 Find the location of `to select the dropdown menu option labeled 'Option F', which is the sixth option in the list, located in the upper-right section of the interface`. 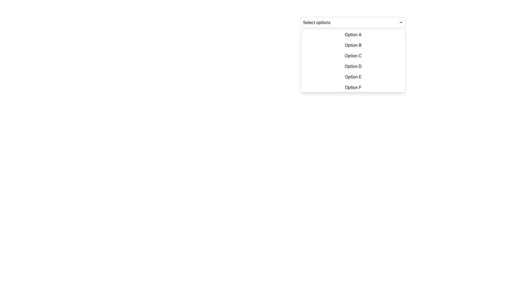

to select the dropdown menu option labeled 'Option F', which is the sixth option in the list, located in the upper-right section of the interface is located at coordinates (353, 87).